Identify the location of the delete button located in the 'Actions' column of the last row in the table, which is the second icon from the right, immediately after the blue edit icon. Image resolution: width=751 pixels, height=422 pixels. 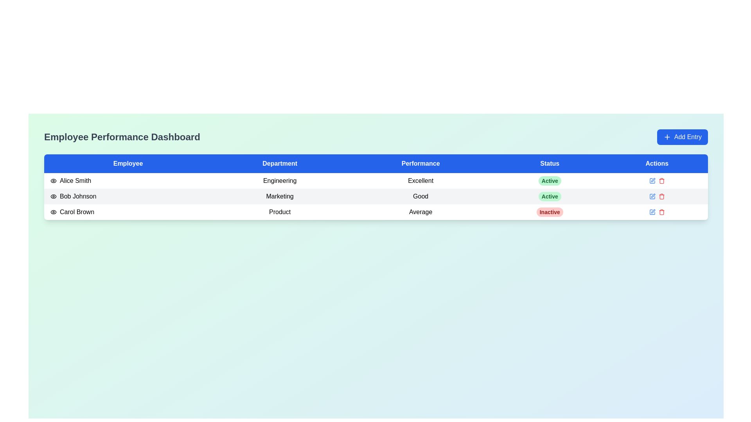
(661, 212).